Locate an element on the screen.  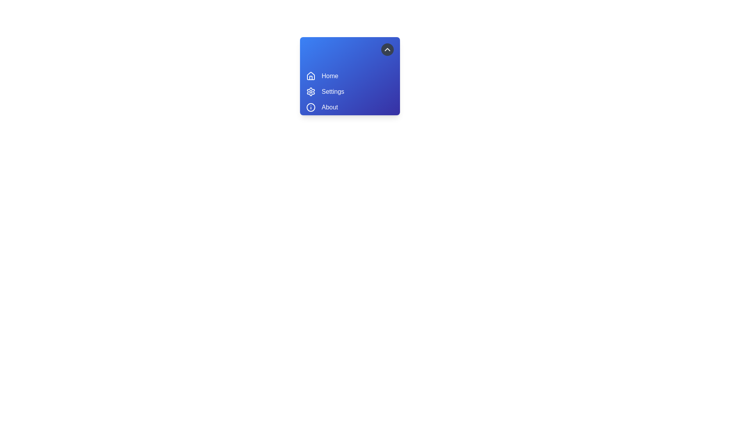
the circular blue icon with a hollow stroke and a central dot located near the 'About' menu item in the menu panel is located at coordinates (310, 107).